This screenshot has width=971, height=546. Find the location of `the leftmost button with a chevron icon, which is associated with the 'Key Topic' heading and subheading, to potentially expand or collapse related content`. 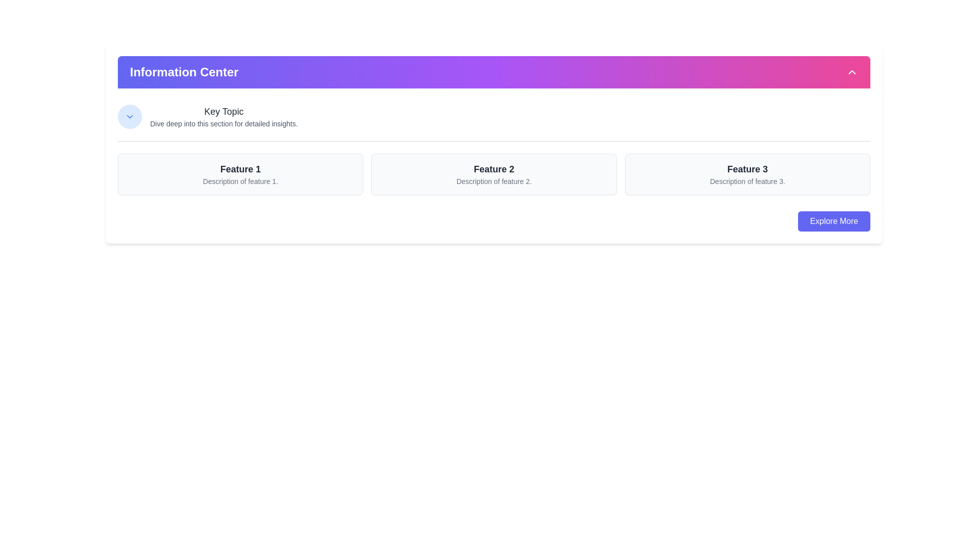

the leftmost button with a chevron icon, which is associated with the 'Key Topic' heading and subheading, to potentially expand or collapse related content is located at coordinates (129, 116).